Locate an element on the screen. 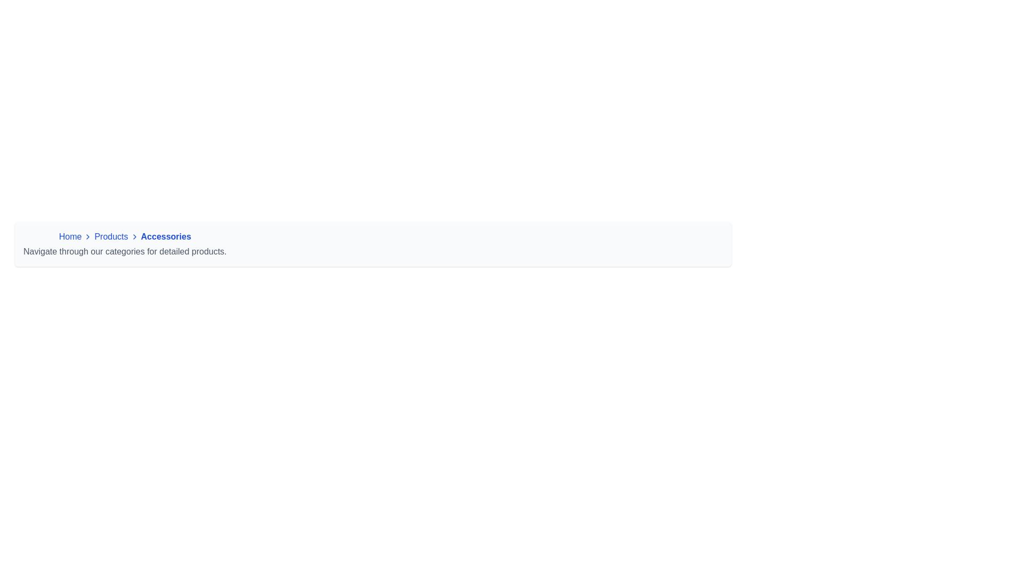 This screenshot has height=575, width=1023. the Chevron-Right icon in the breadcrumb navigation, which indicates progression to the 'Products' section is located at coordinates (88, 236).